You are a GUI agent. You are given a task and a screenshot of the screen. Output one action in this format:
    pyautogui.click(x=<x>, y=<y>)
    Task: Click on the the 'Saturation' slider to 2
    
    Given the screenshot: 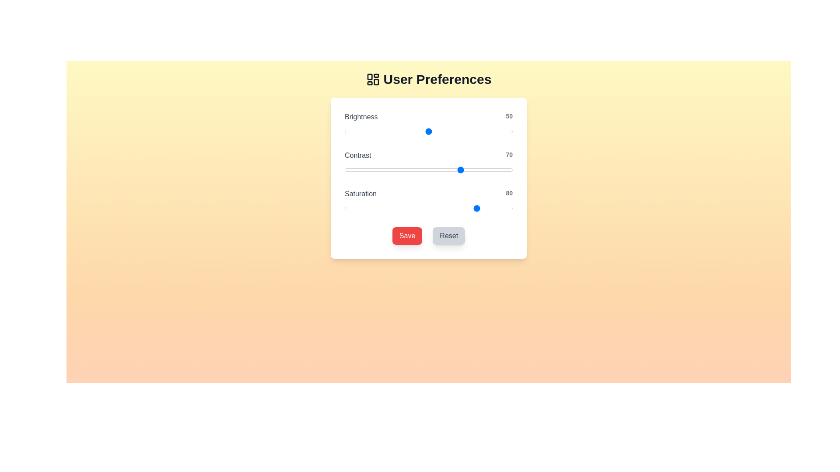 What is the action you would take?
    pyautogui.click(x=347, y=208)
    